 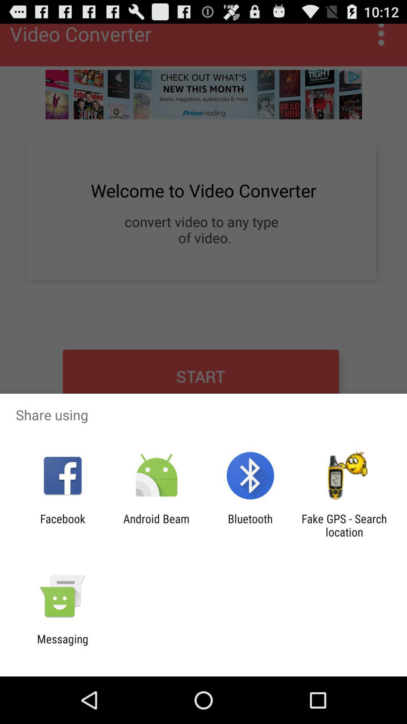 What do you see at coordinates (250, 525) in the screenshot?
I see `the bluetooth item` at bounding box center [250, 525].